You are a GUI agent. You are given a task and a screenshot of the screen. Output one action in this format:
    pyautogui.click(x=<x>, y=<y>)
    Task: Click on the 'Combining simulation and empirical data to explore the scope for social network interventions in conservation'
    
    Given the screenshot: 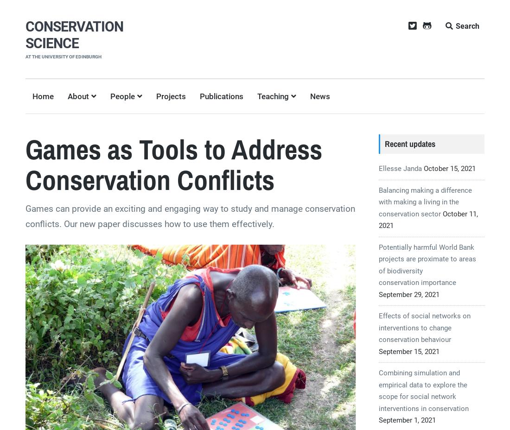 What is the action you would take?
    pyautogui.click(x=423, y=390)
    